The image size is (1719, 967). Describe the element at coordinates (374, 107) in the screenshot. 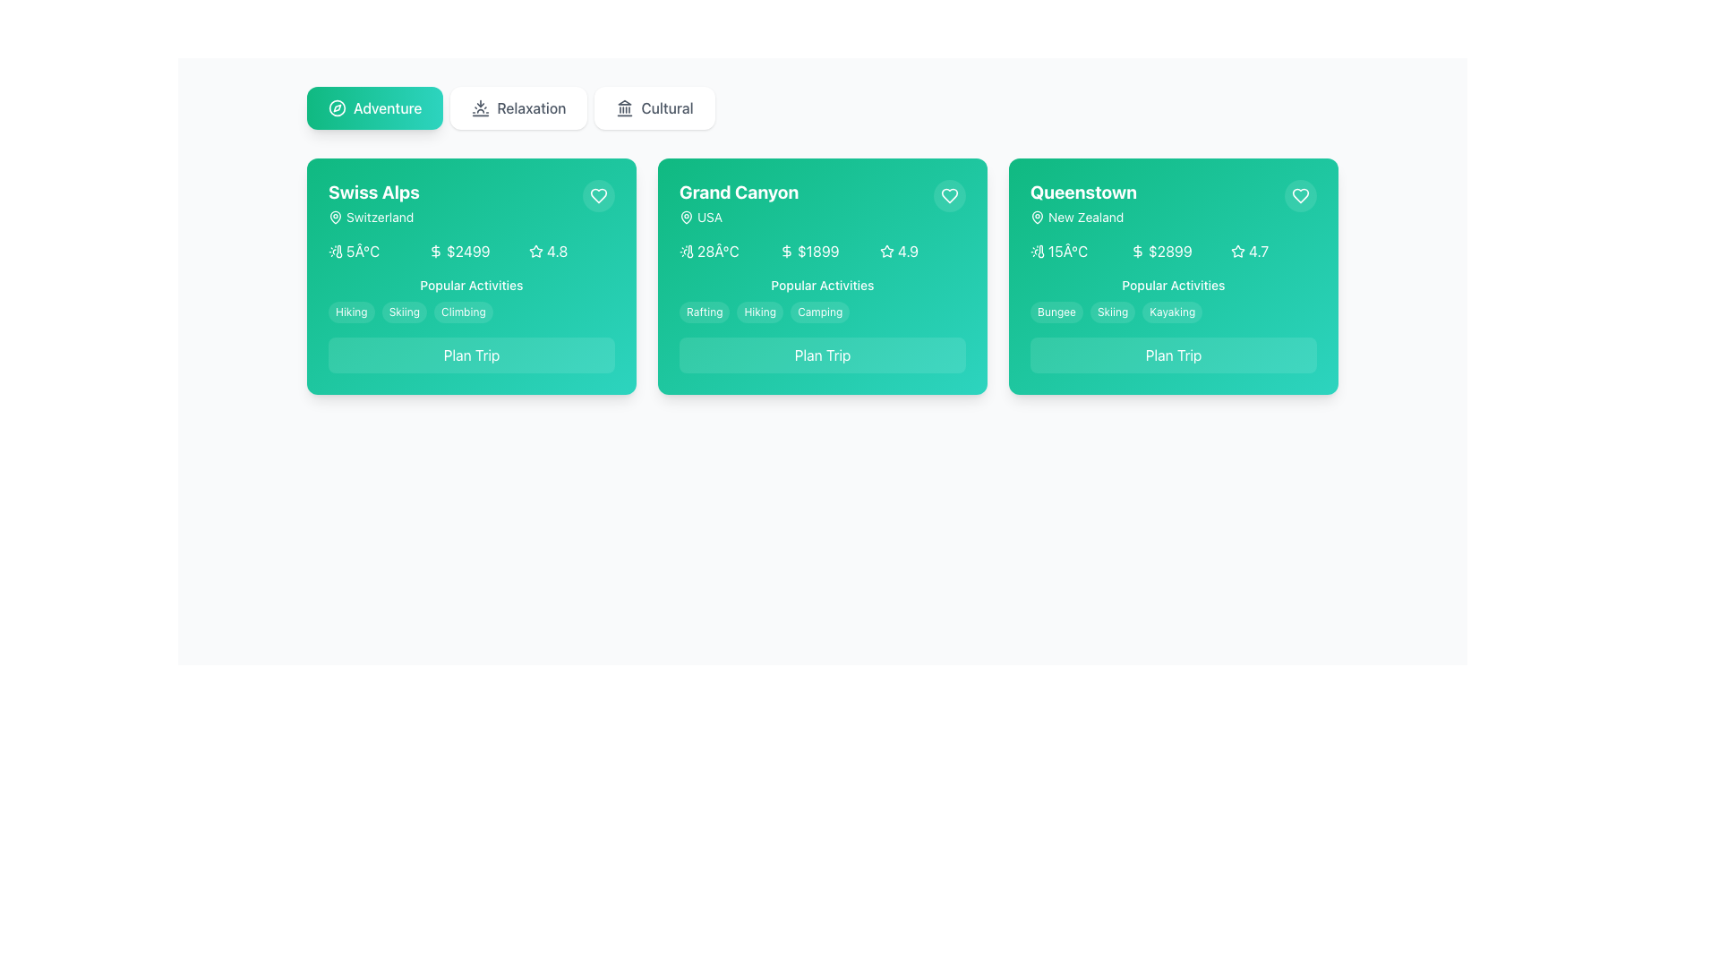

I see `the category selection button for 'Adventure'` at that location.